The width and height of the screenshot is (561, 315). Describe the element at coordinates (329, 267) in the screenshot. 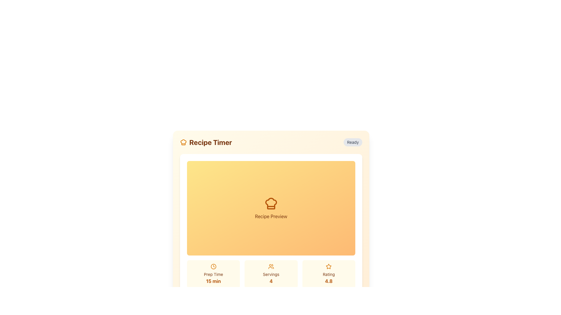

I see `the golden amber star-shaped icon that symbolizes a rating or favorite designation, located centrally within the 'Rating 4.8' section, above the numeric value 4.8 and the text 'Rating'` at that location.